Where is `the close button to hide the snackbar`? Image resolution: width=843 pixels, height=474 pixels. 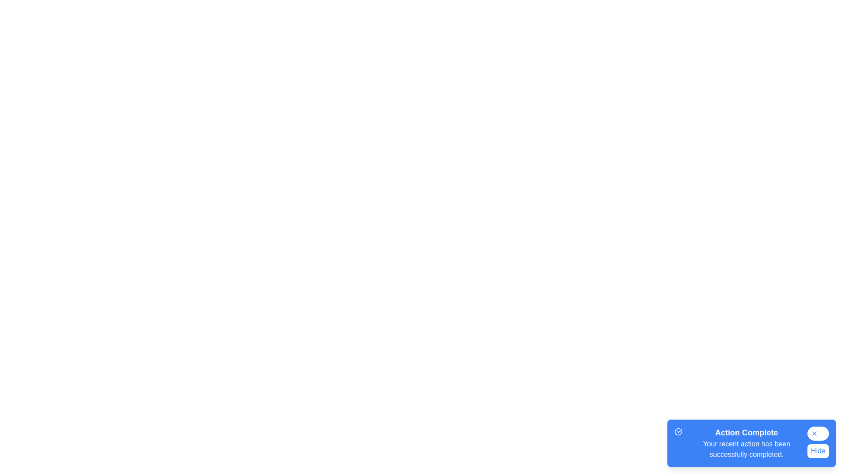
the close button to hide the snackbar is located at coordinates (818, 433).